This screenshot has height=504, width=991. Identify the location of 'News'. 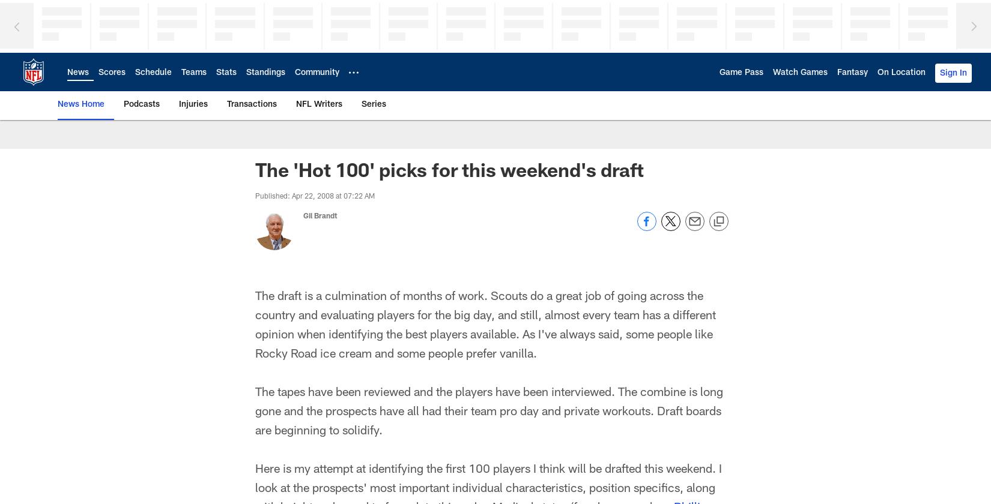
(67, 72).